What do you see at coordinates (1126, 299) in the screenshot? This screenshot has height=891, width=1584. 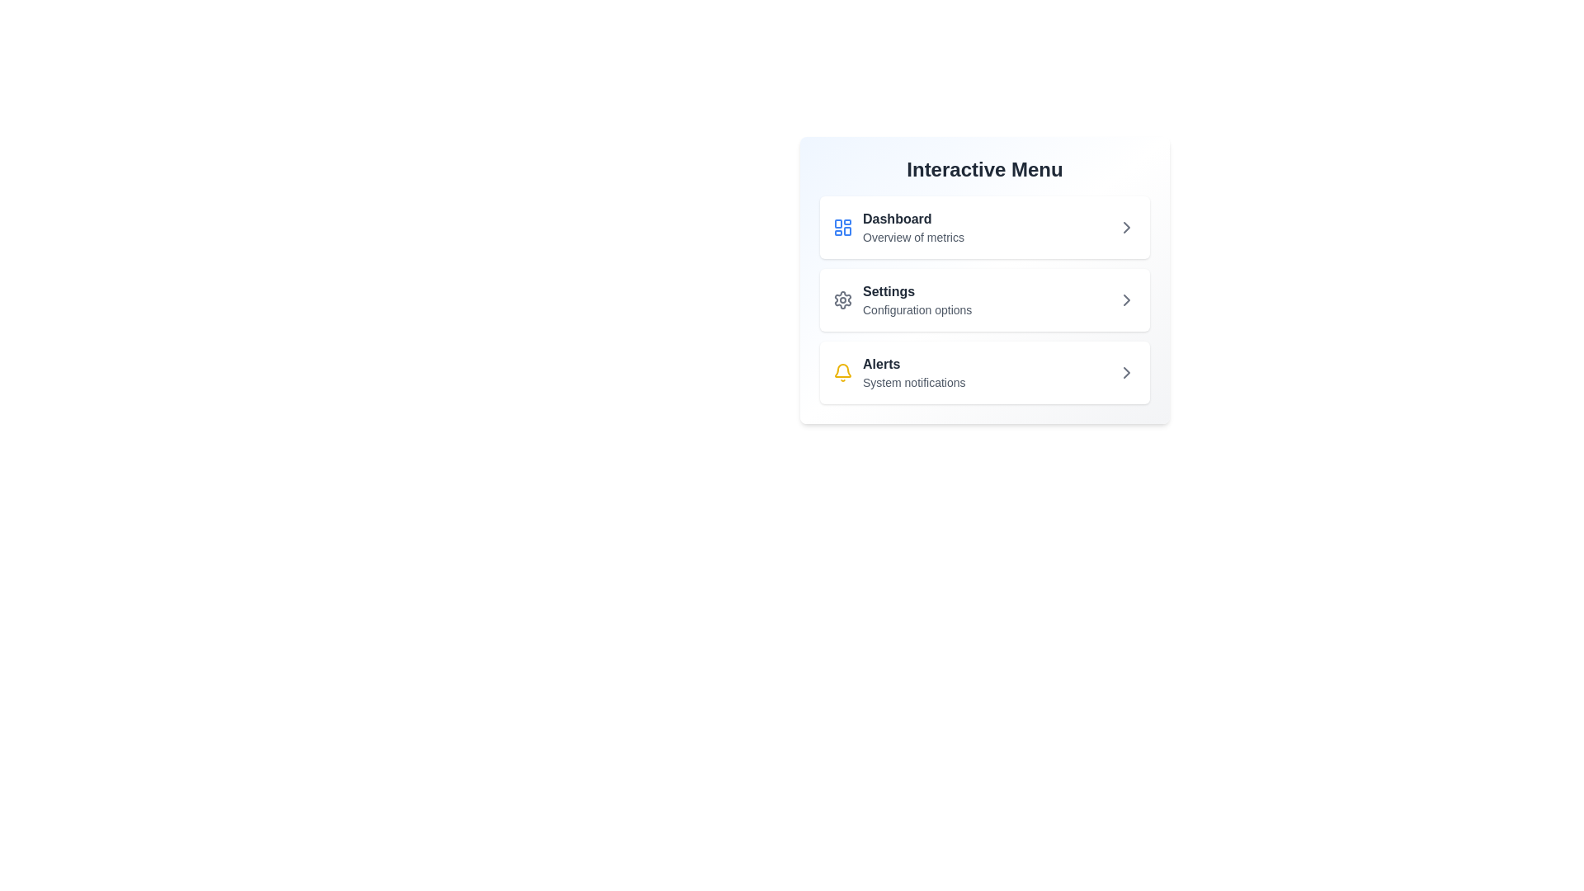 I see `the chevron icon located at the far right of the 'Settings' row in the 'Interactive Menu' panel` at bounding box center [1126, 299].